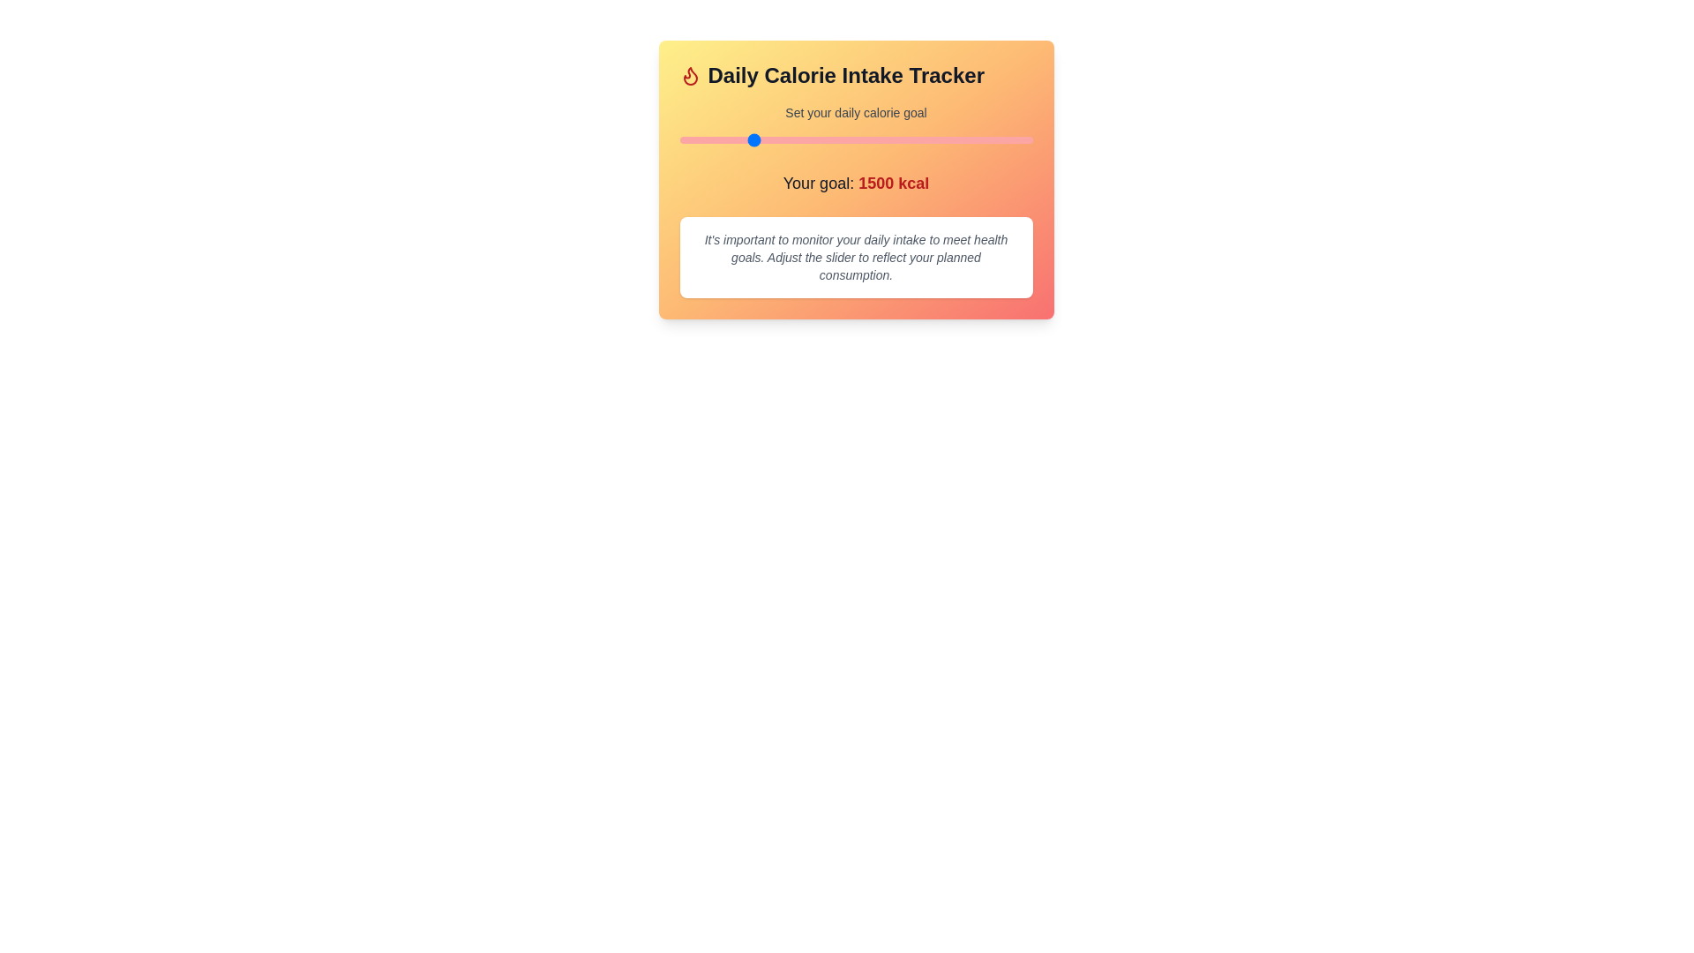 This screenshot has height=953, width=1694. Describe the element at coordinates (791, 139) in the screenshot. I see `the calorie goal slider to a value of 1795` at that location.